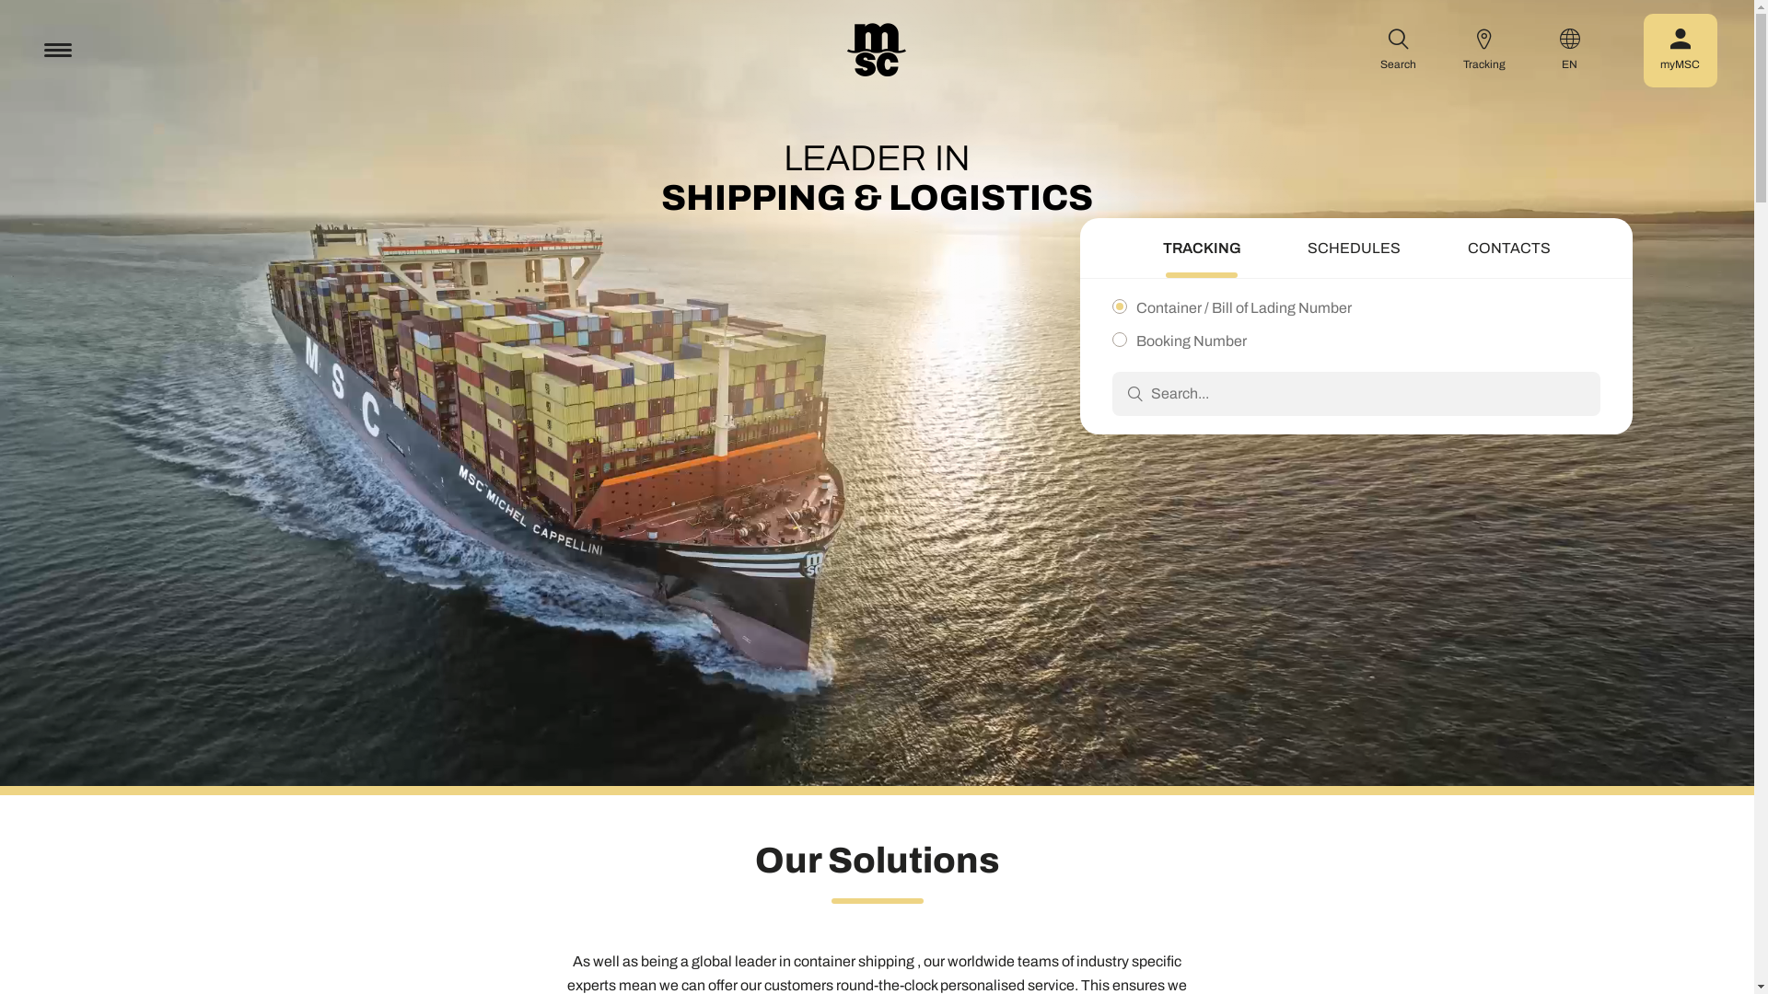 Image resolution: width=1768 pixels, height=994 pixels. Describe the element at coordinates (1508, 250) in the screenshot. I see `'CONTACTS'` at that location.